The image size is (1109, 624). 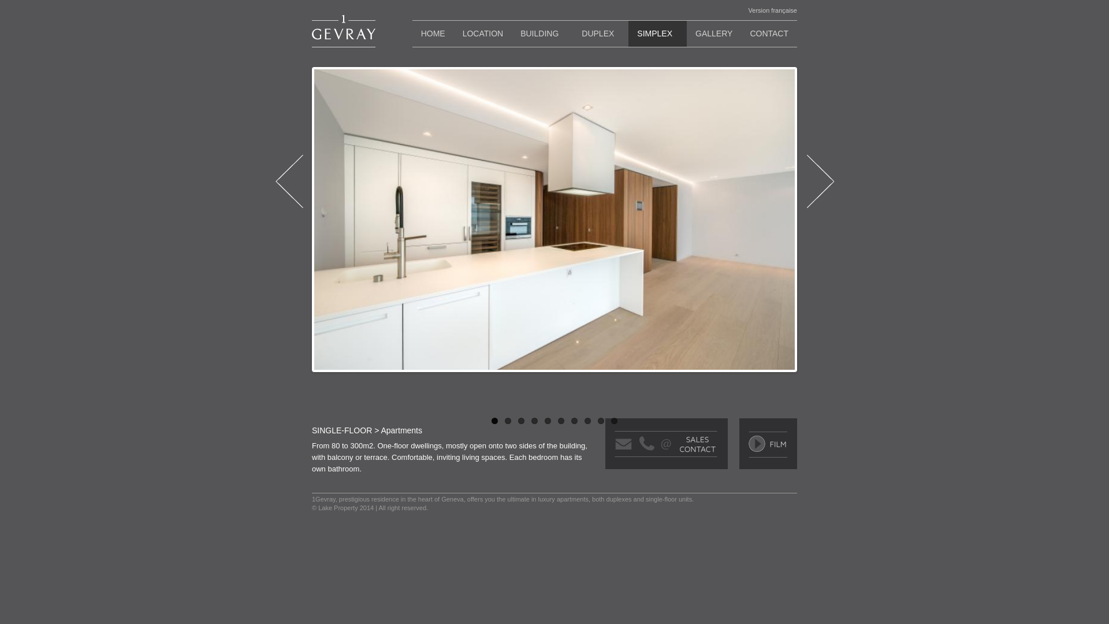 What do you see at coordinates (483, 32) in the screenshot?
I see `'LOCATION'` at bounding box center [483, 32].